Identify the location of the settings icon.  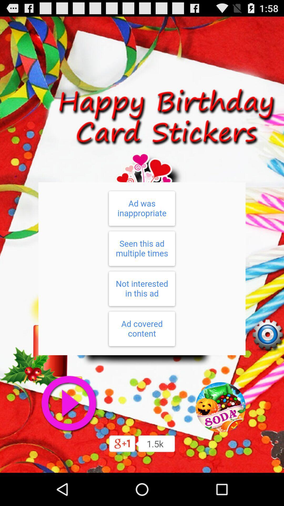
(267, 358).